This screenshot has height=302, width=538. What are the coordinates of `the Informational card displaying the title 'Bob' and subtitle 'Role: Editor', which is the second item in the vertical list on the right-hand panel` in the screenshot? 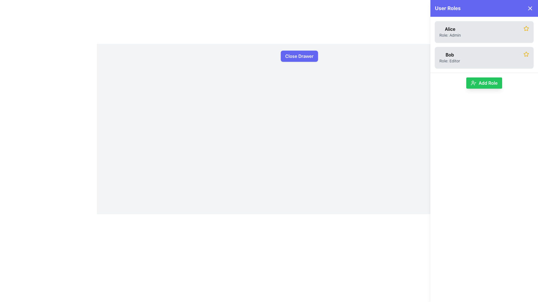 It's located at (484, 57).